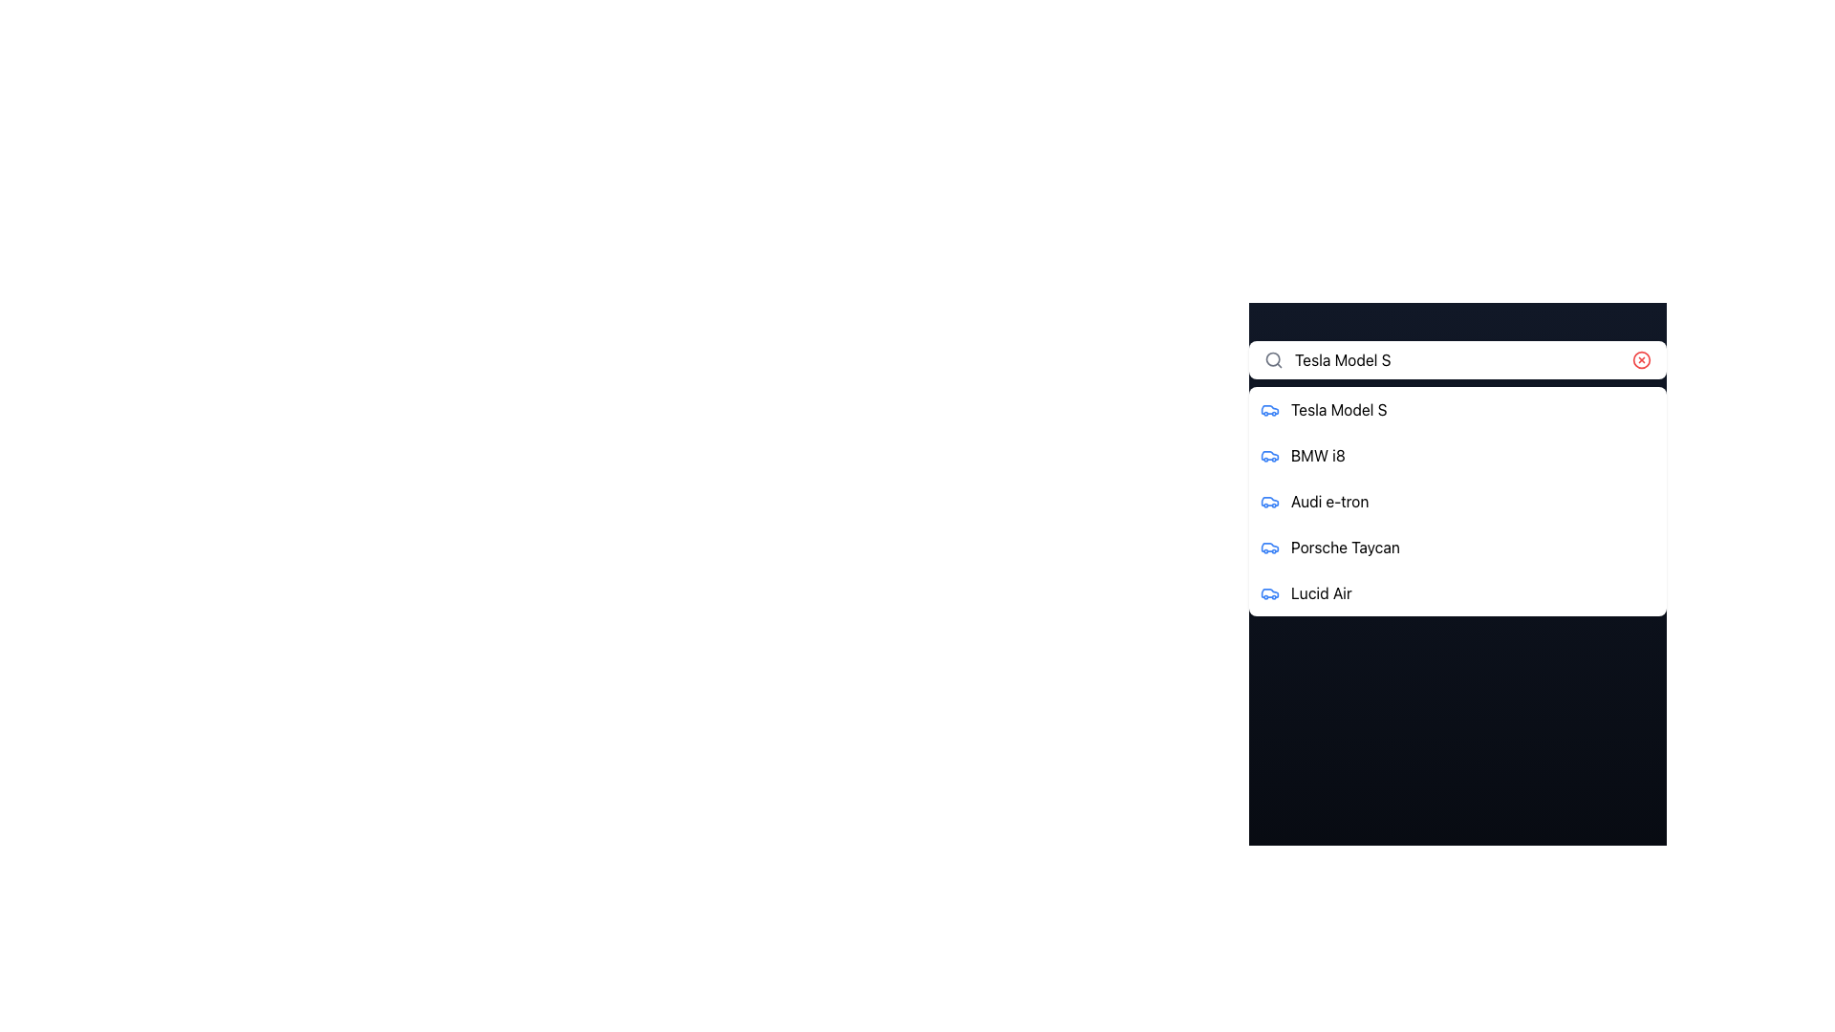  I want to click on the icon representing the 'Porsche Taycan' entry in the dropdown list of car names, so click(1270, 548).